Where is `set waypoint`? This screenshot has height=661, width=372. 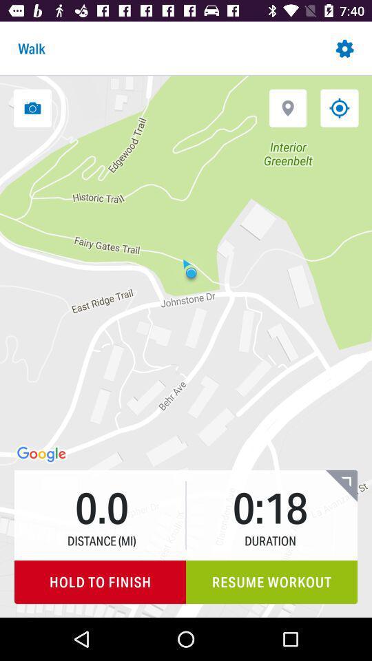 set waypoint is located at coordinates (287, 107).